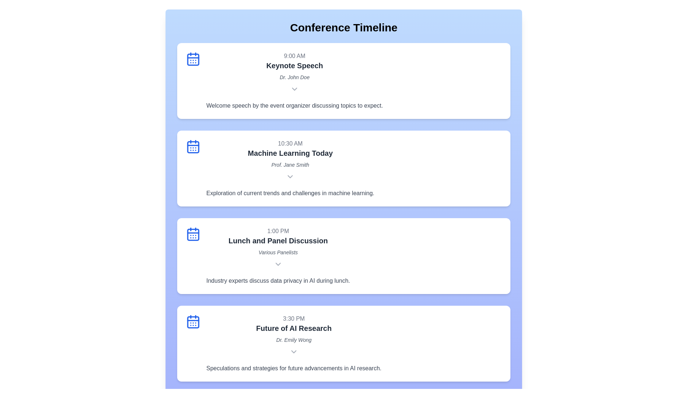  What do you see at coordinates (294, 340) in the screenshot?
I see `italicized gray text 'Dr. Emily Wong' which is positioned below the title 'Future of AI Research' in a card layout` at bounding box center [294, 340].